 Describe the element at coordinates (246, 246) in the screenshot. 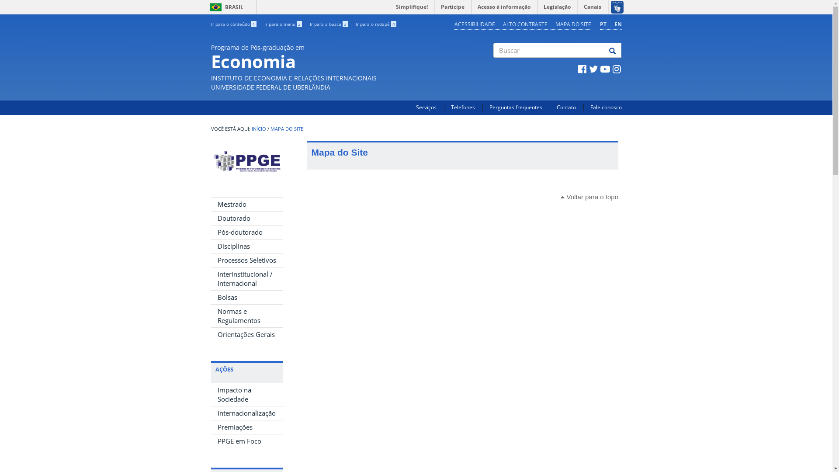

I see `'Disciplinas'` at that location.